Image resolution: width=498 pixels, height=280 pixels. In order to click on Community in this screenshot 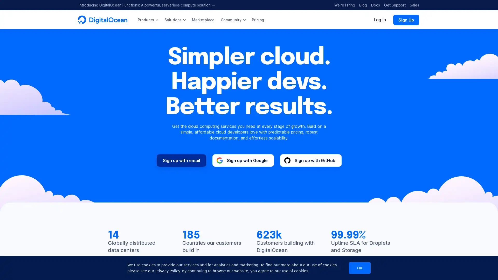, I will do `click(233, 19)`.